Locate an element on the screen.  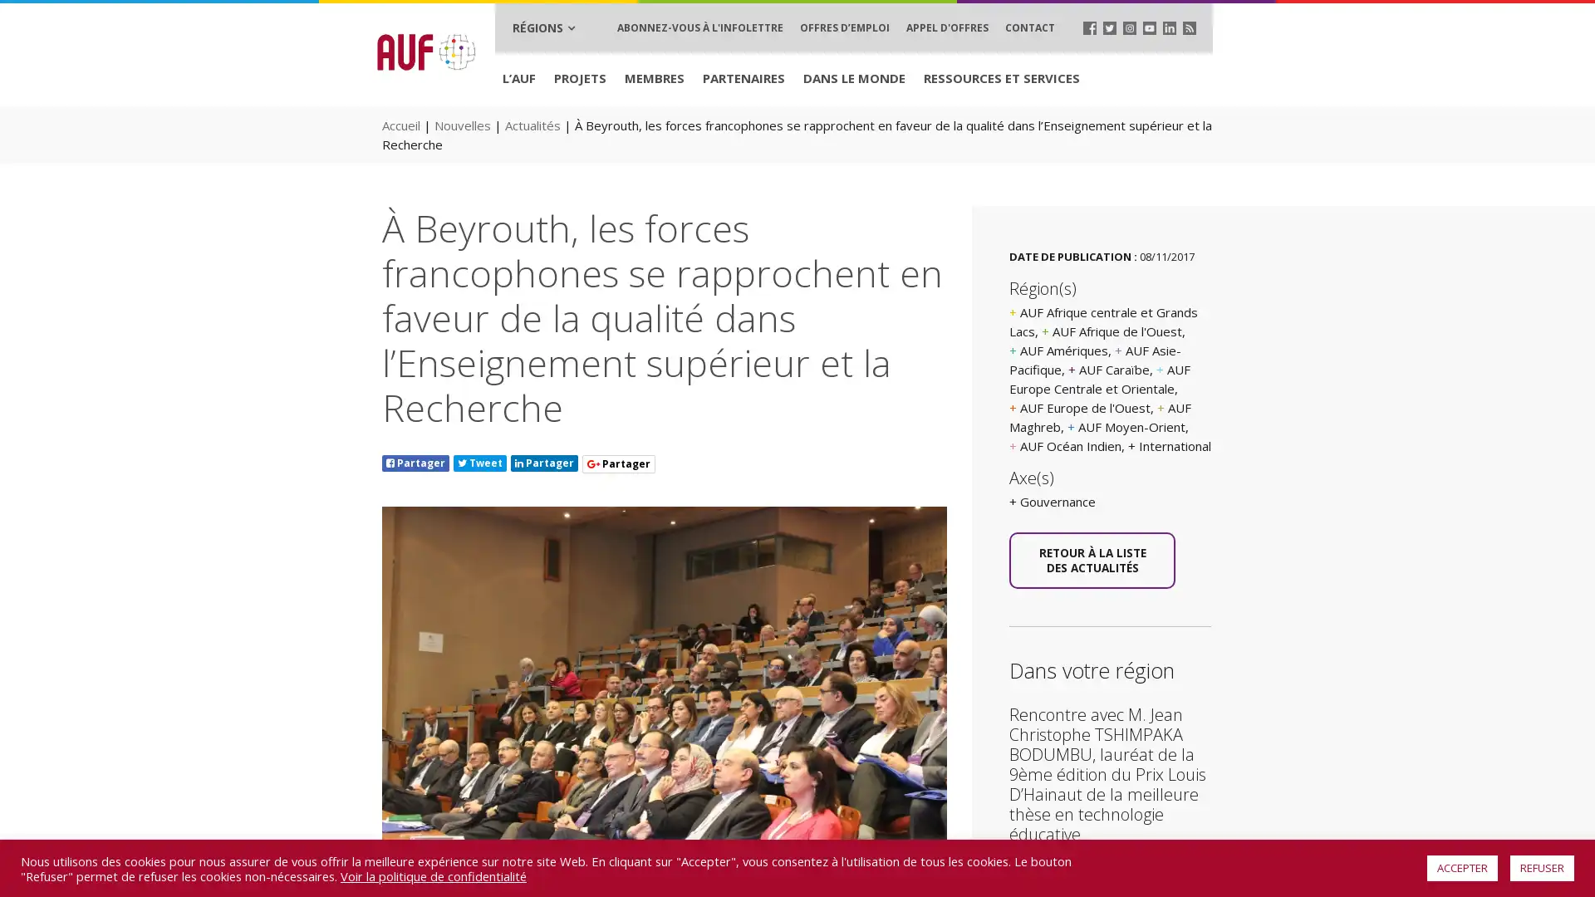
ACCEPTER is located at coordinates (1462, 867).